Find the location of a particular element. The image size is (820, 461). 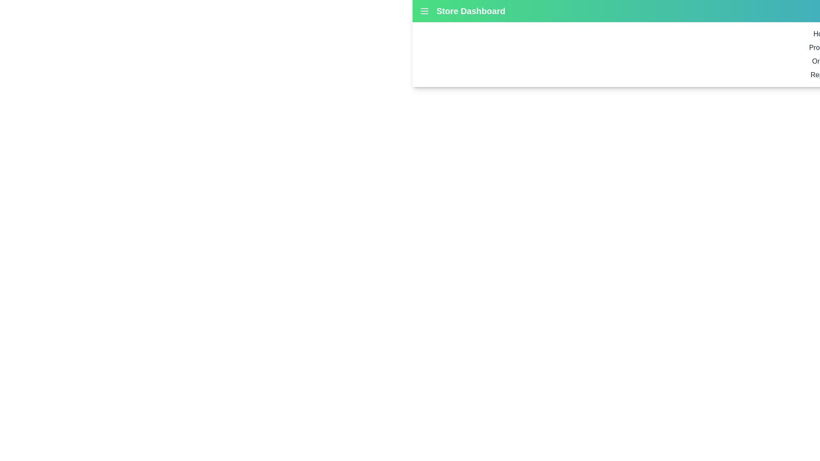

the hamburger menu icon located on the left side of the header, which features three white horizontal lines against a green background is located at coordinates (424, 11).